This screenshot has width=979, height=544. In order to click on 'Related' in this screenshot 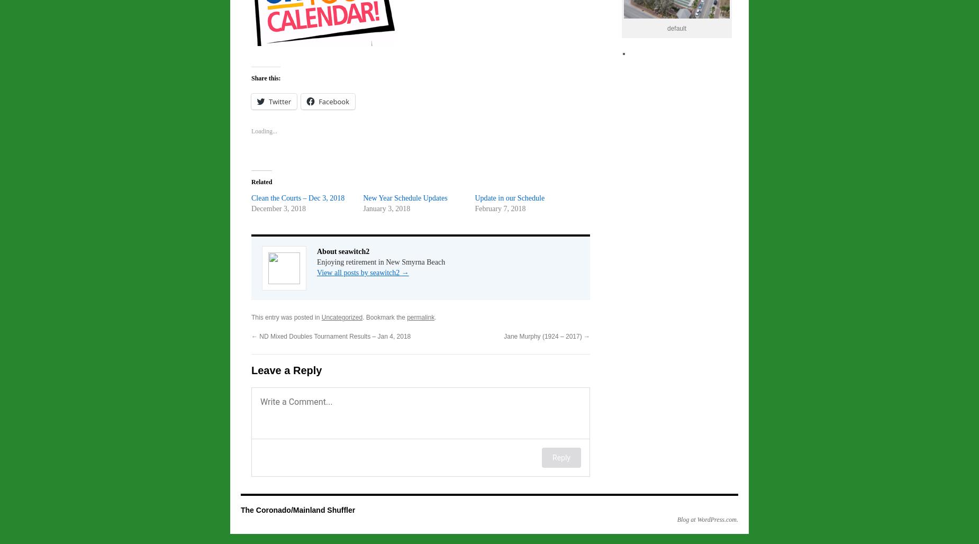, I will do `click(251, 181)`.